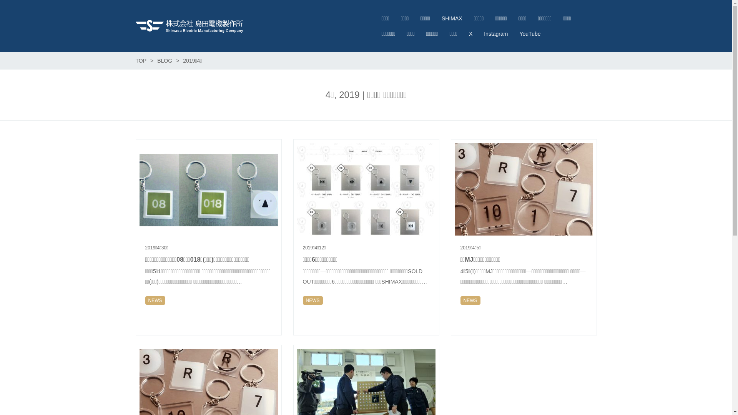 This screenshot has height=415, width=738. Describe the element at coordinates (496, 33) in the screenshot. I see `'Instagram'` at that location.